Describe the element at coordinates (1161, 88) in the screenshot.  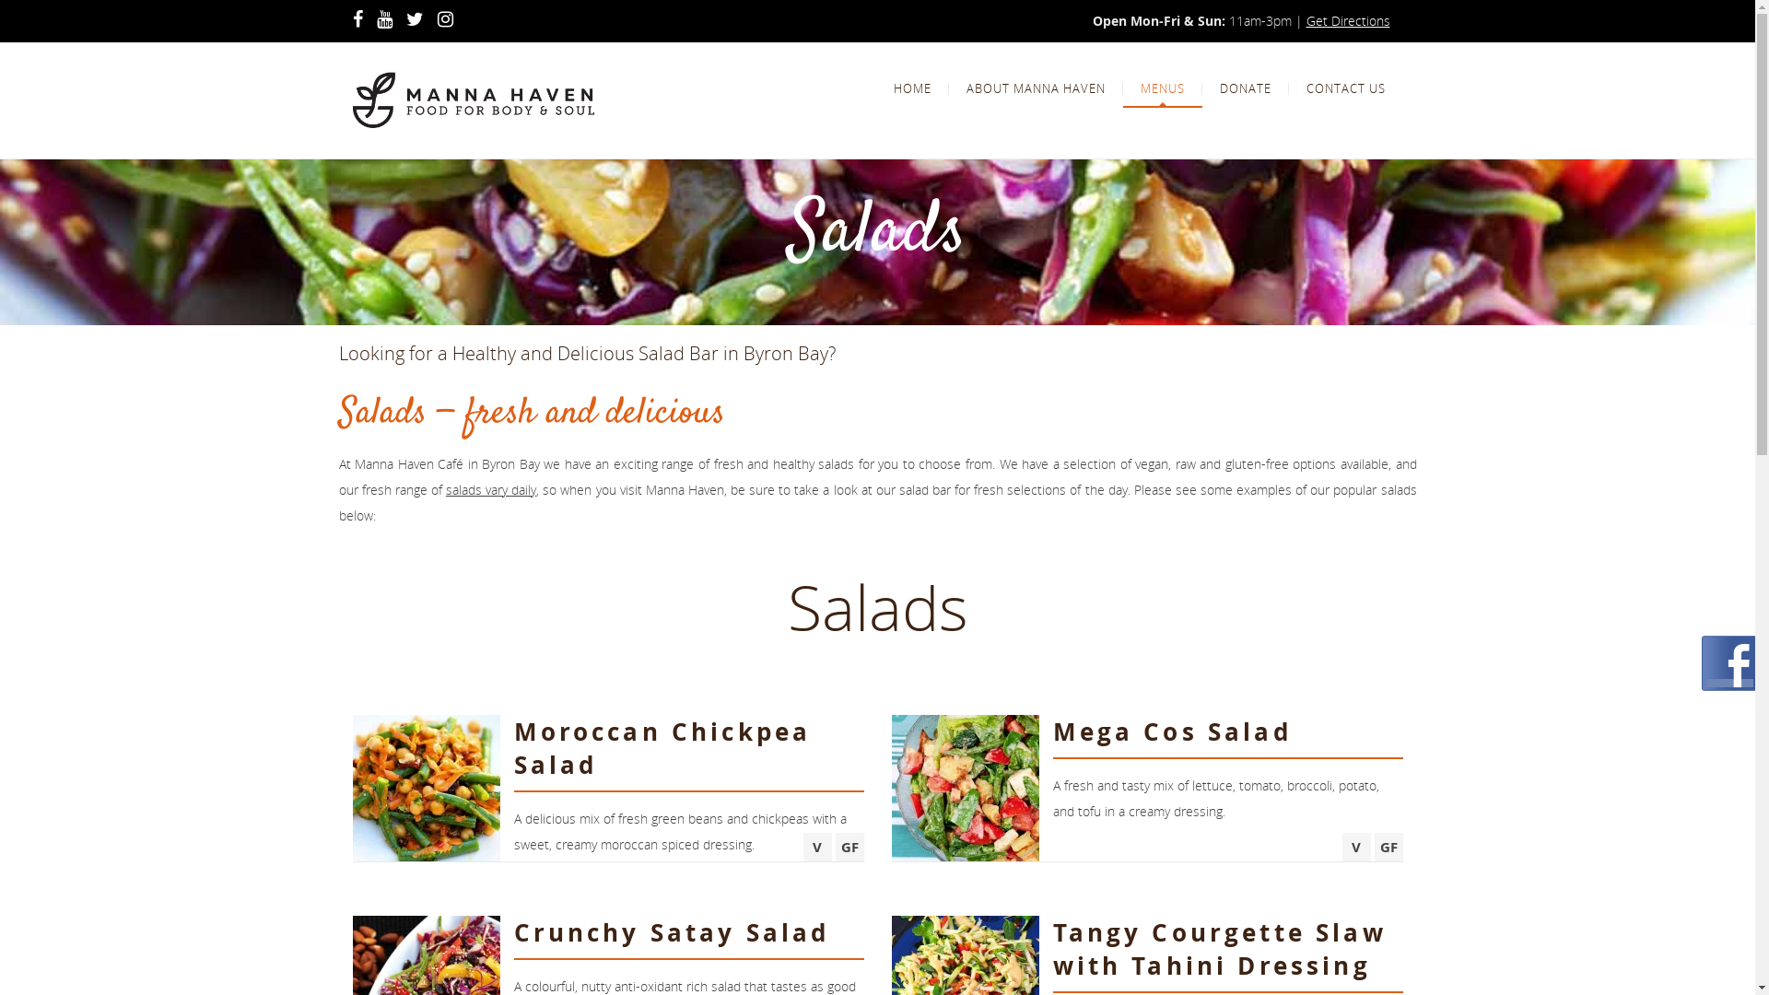
I see `'MENUS'` at that location.